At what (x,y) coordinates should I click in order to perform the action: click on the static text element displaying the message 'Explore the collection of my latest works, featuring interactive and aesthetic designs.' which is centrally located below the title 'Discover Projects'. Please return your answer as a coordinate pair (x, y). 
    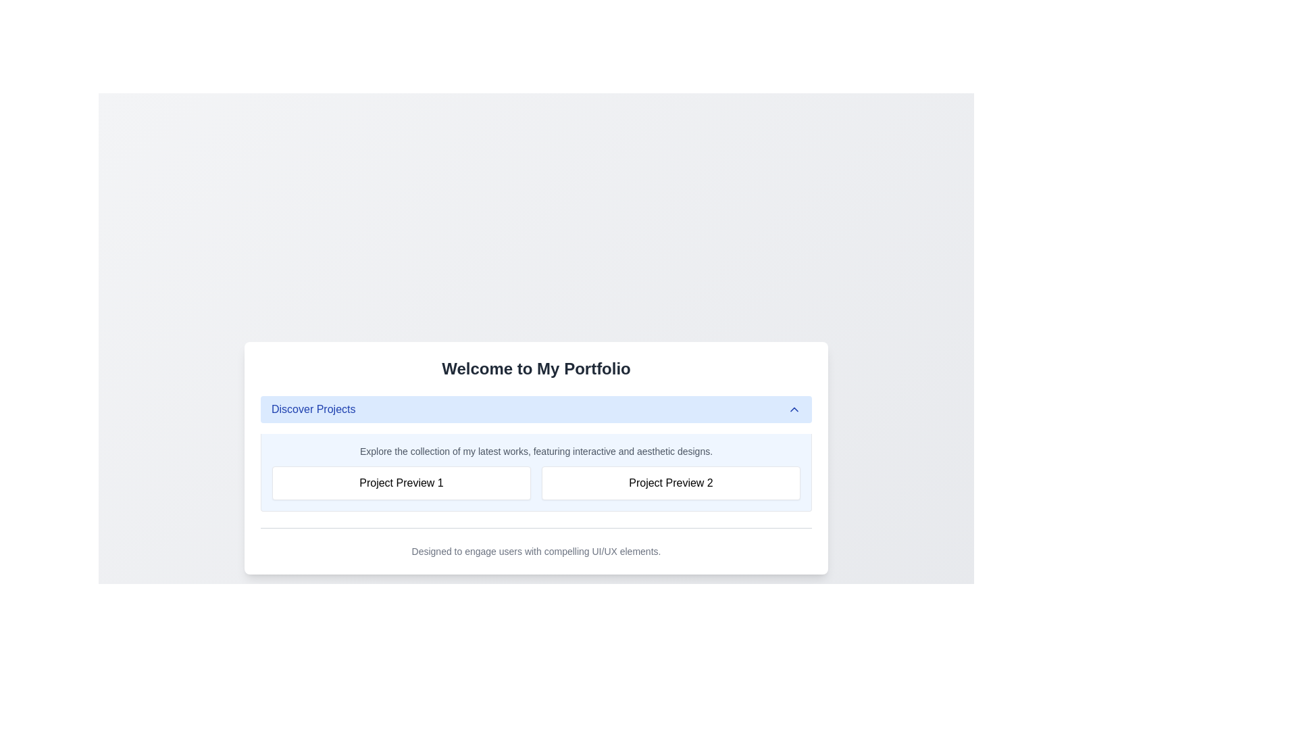
    Looking at the image, I should click on (535, 451).